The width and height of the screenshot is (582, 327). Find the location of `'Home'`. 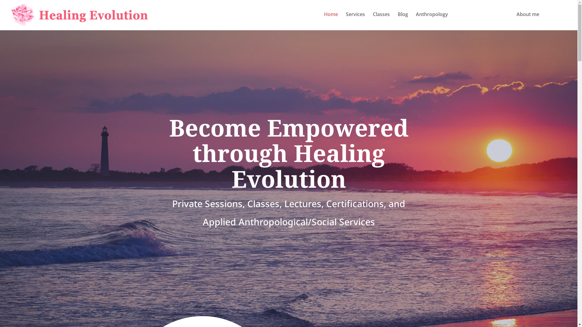

'Home' is located at coordinates (330, 20).